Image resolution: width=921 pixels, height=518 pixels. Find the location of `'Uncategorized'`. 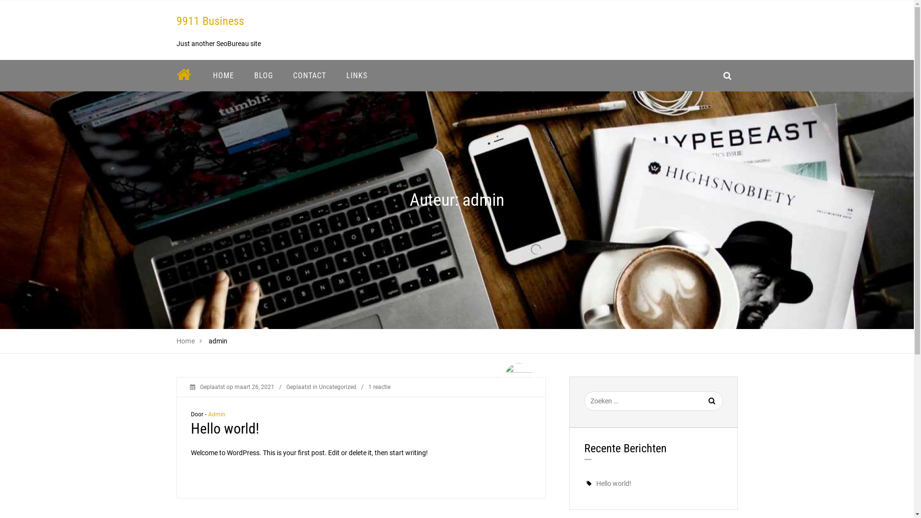

'Uncategorized' is located at coordinates (337, 386).